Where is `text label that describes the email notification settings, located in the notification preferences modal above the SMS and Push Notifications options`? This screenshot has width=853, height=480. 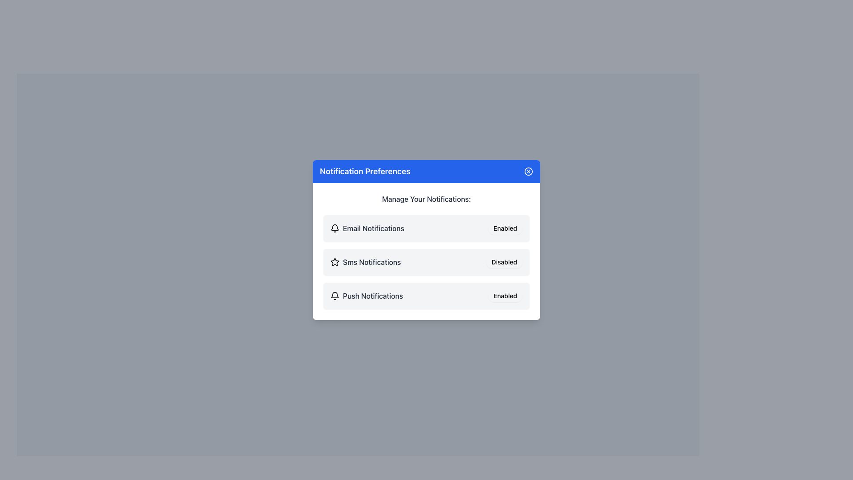
text label that describes the email notification settings, located in the notification preferences modal above the SMS and Push Notifications options is located at coordinates (373, 228).